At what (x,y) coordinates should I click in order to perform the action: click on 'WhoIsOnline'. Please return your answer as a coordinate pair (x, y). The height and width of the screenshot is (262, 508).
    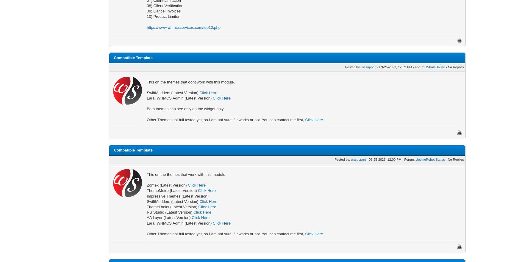
    Looking at the image, I should click on (435, 67).